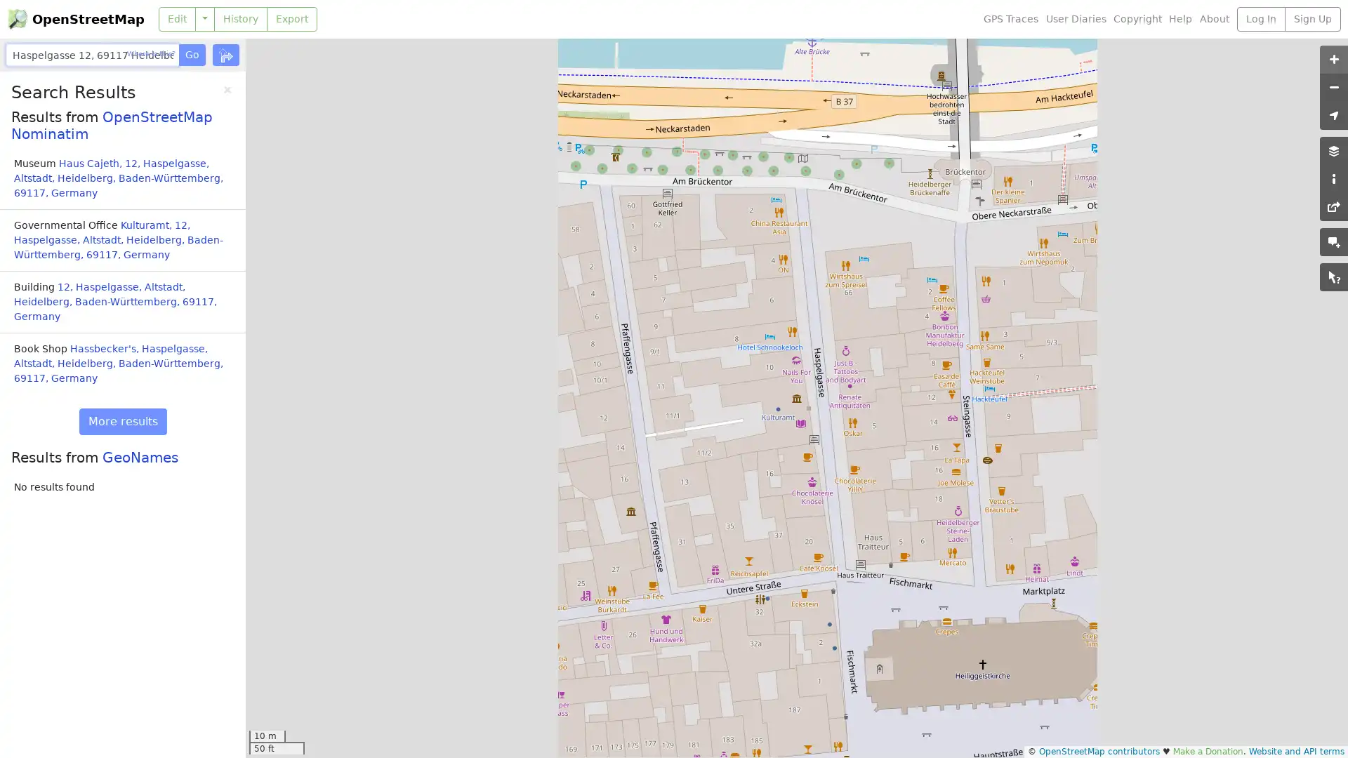 The height and width of the screenshot is (758, 1348). What do you see at coordinates (191, 54) in the screenshot?
I see `Go` at bounding box center [191, 54].